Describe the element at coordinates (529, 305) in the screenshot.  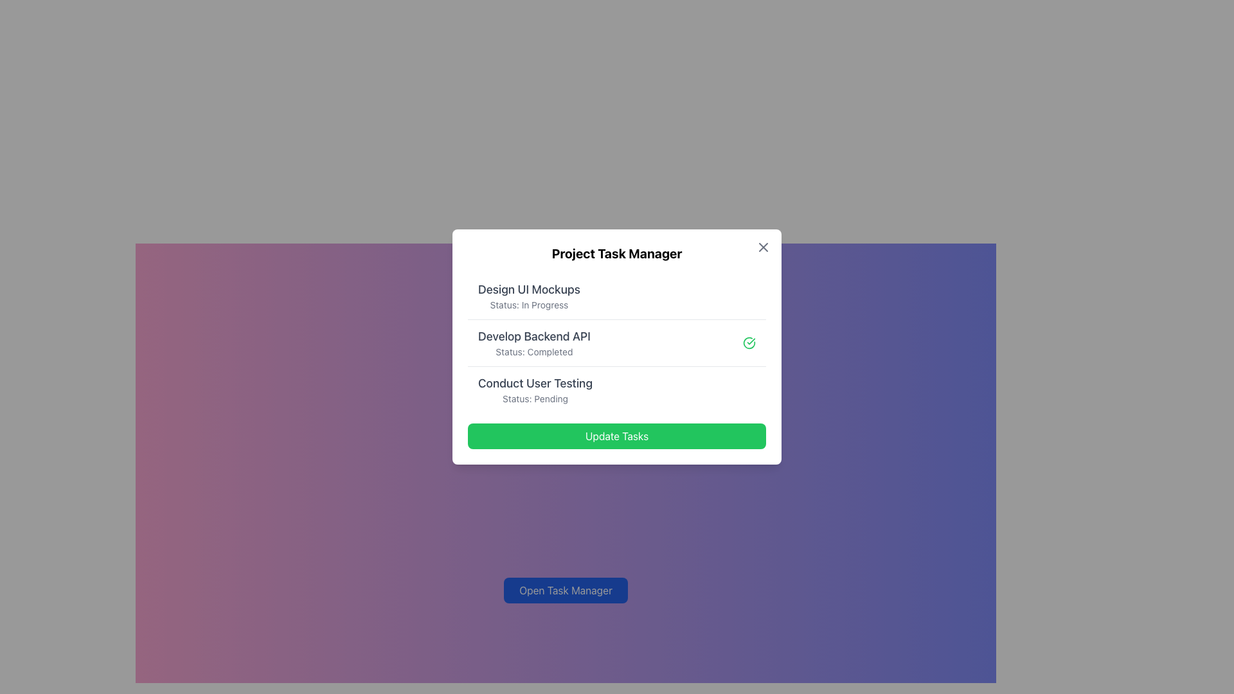
I see `the status indicator text label for the task 'Design UI Mockups' that shows 'In Progress', located in the 'Project Task Manager' popup` at that location.